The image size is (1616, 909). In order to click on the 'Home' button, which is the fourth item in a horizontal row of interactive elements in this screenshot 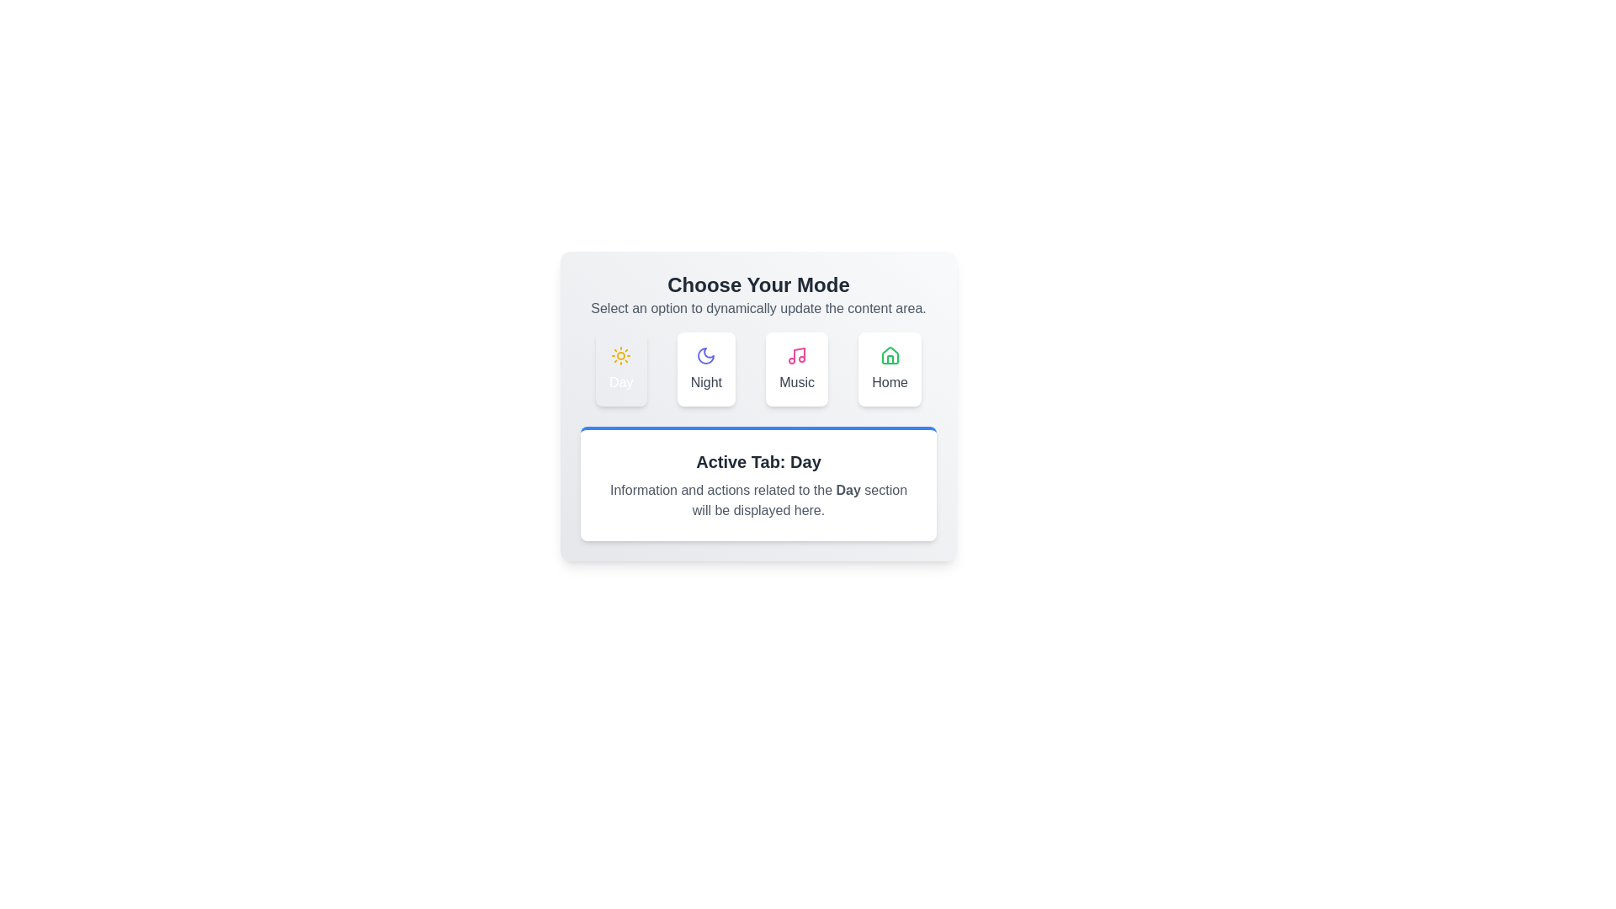, I will do `click(889, 369)`.